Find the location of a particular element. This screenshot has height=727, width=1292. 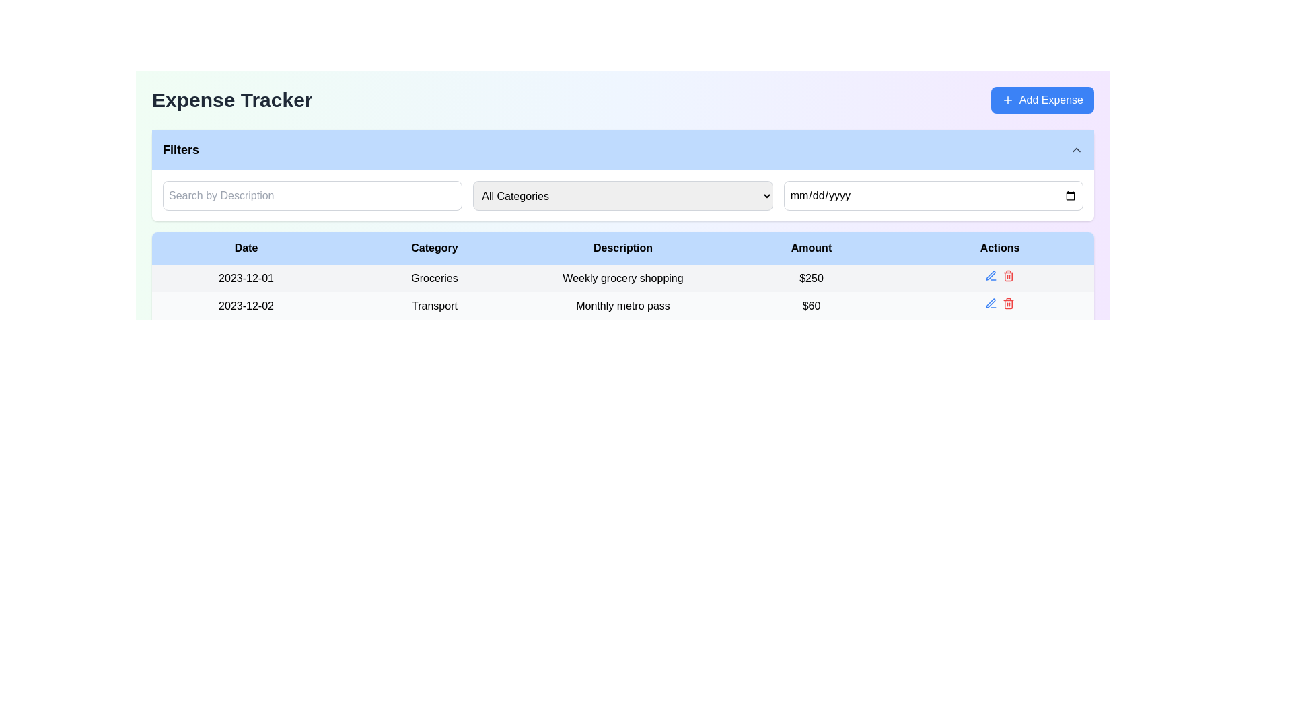

the Text label representing the category of the expense record in the second row of the table under the 'Category' column is located at coordinates (435, 306).